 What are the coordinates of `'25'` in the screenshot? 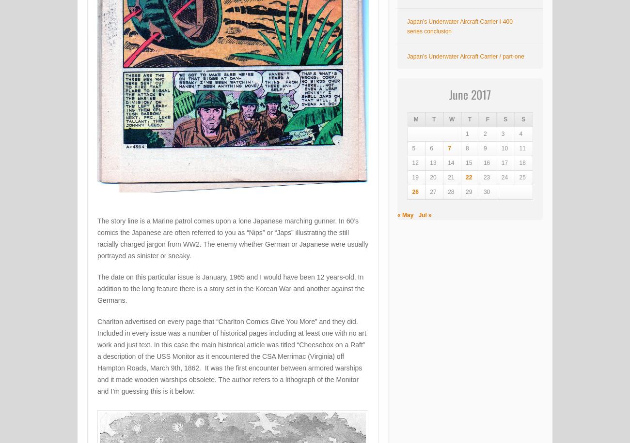 It's located at (522, 177).